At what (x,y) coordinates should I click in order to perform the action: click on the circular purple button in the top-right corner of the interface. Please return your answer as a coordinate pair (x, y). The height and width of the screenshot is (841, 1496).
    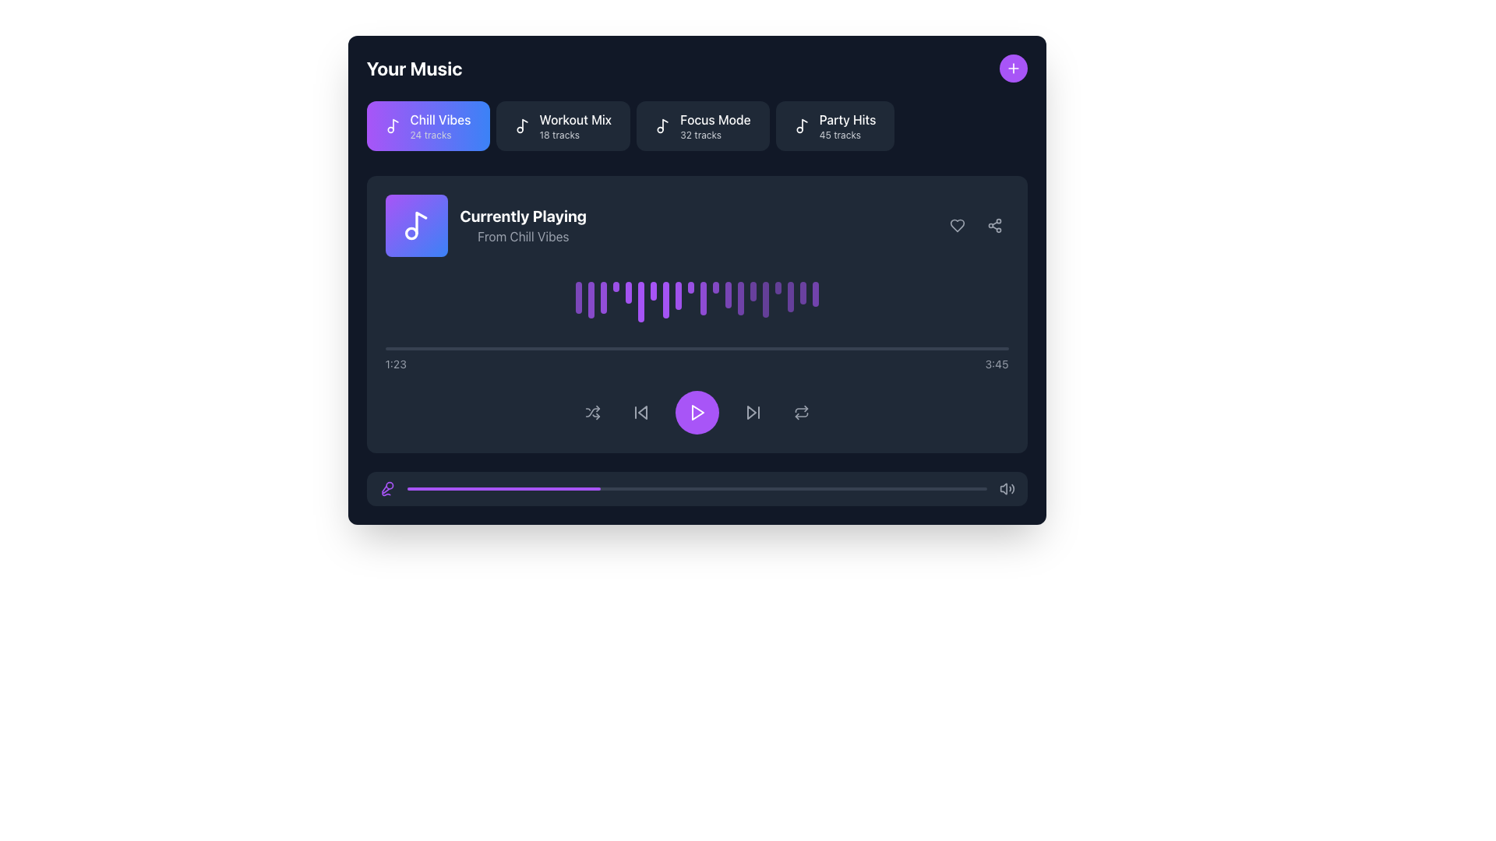
    Looking at the image, I should click on (1013, 68).